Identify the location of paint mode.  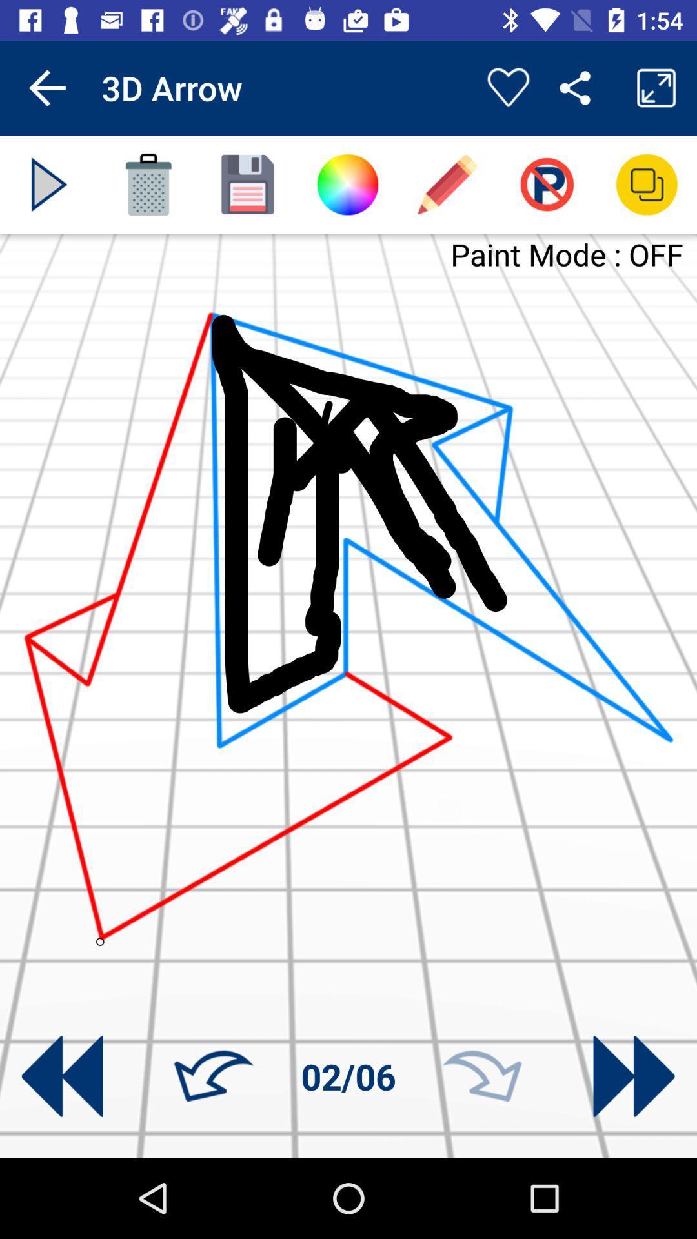
(547, 184).